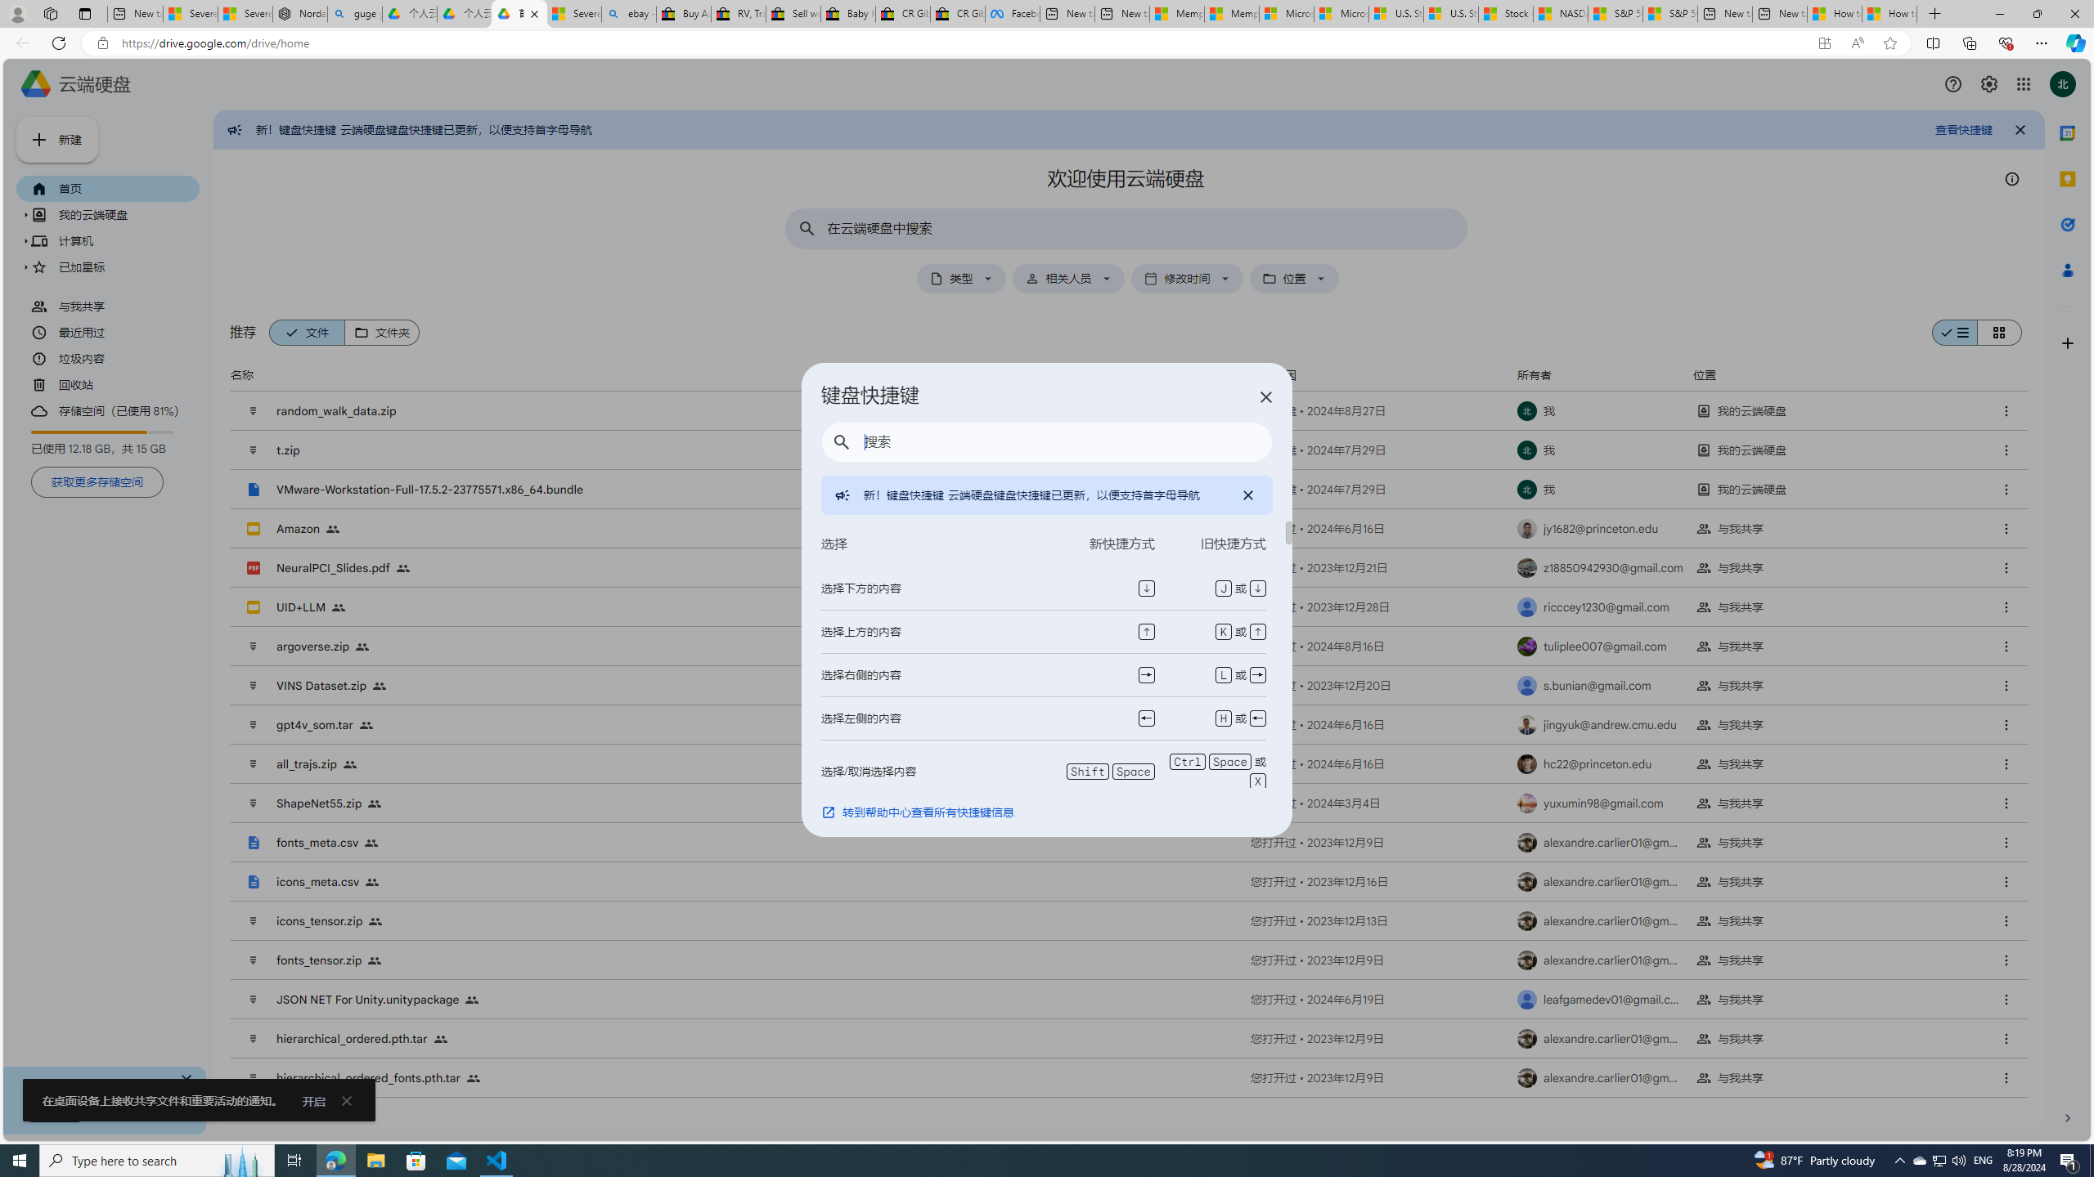 The width and height of the screenshot is (2094, 1177). I want to click on 'RV, Trailer & Camper Steps & Ladders for sale | eBay', so click(737, 13).